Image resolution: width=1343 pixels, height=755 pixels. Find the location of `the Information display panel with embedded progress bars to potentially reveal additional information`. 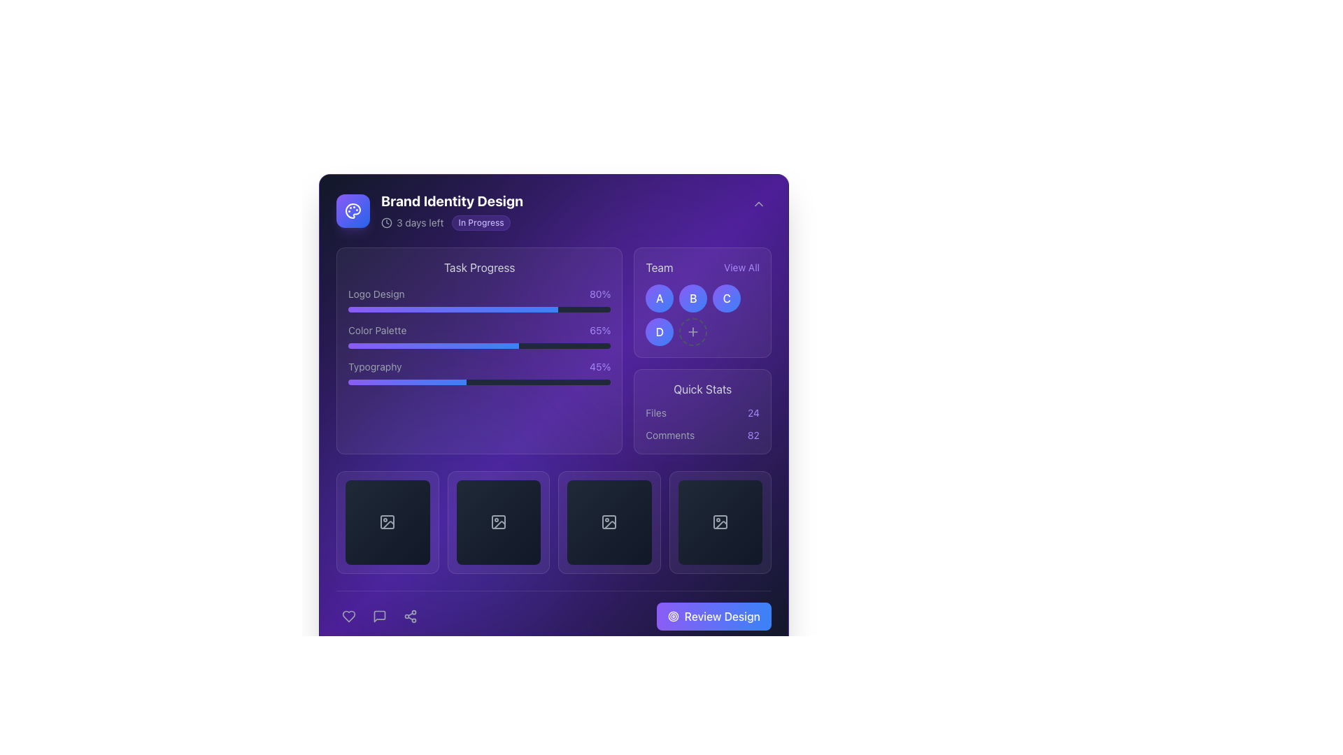

the Information display panel with embedded progress bars to potentially reveal additional information is located at coordinates (553, 350).